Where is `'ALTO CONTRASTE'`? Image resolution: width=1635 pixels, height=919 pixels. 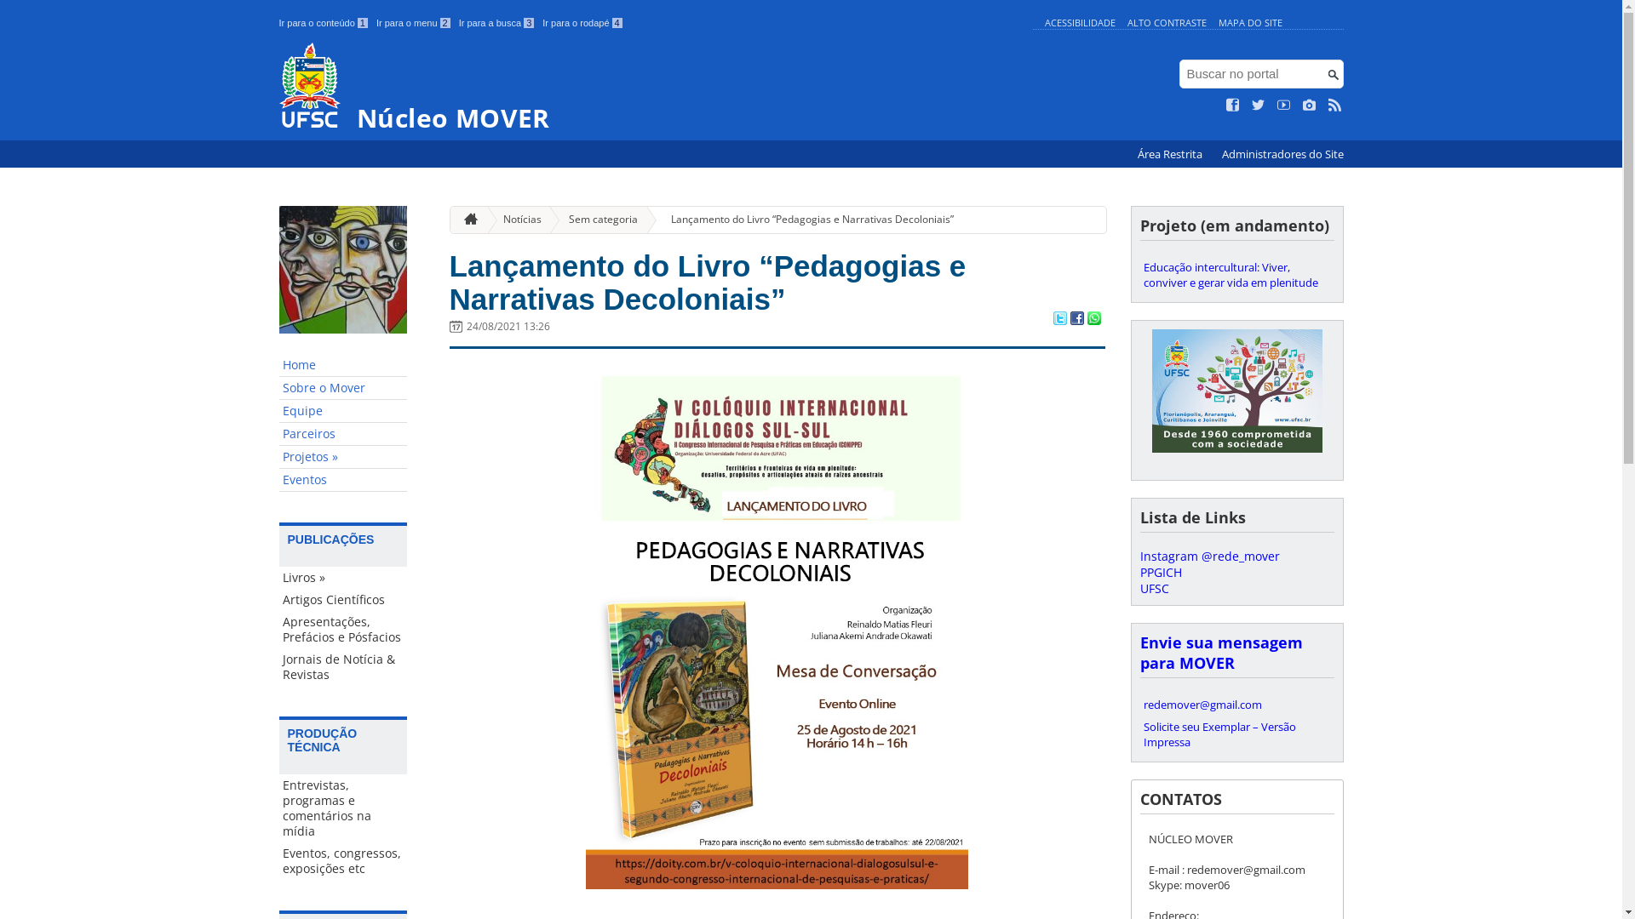 'ALTO CONTRASTE' is located at coordinates (1166, 22).